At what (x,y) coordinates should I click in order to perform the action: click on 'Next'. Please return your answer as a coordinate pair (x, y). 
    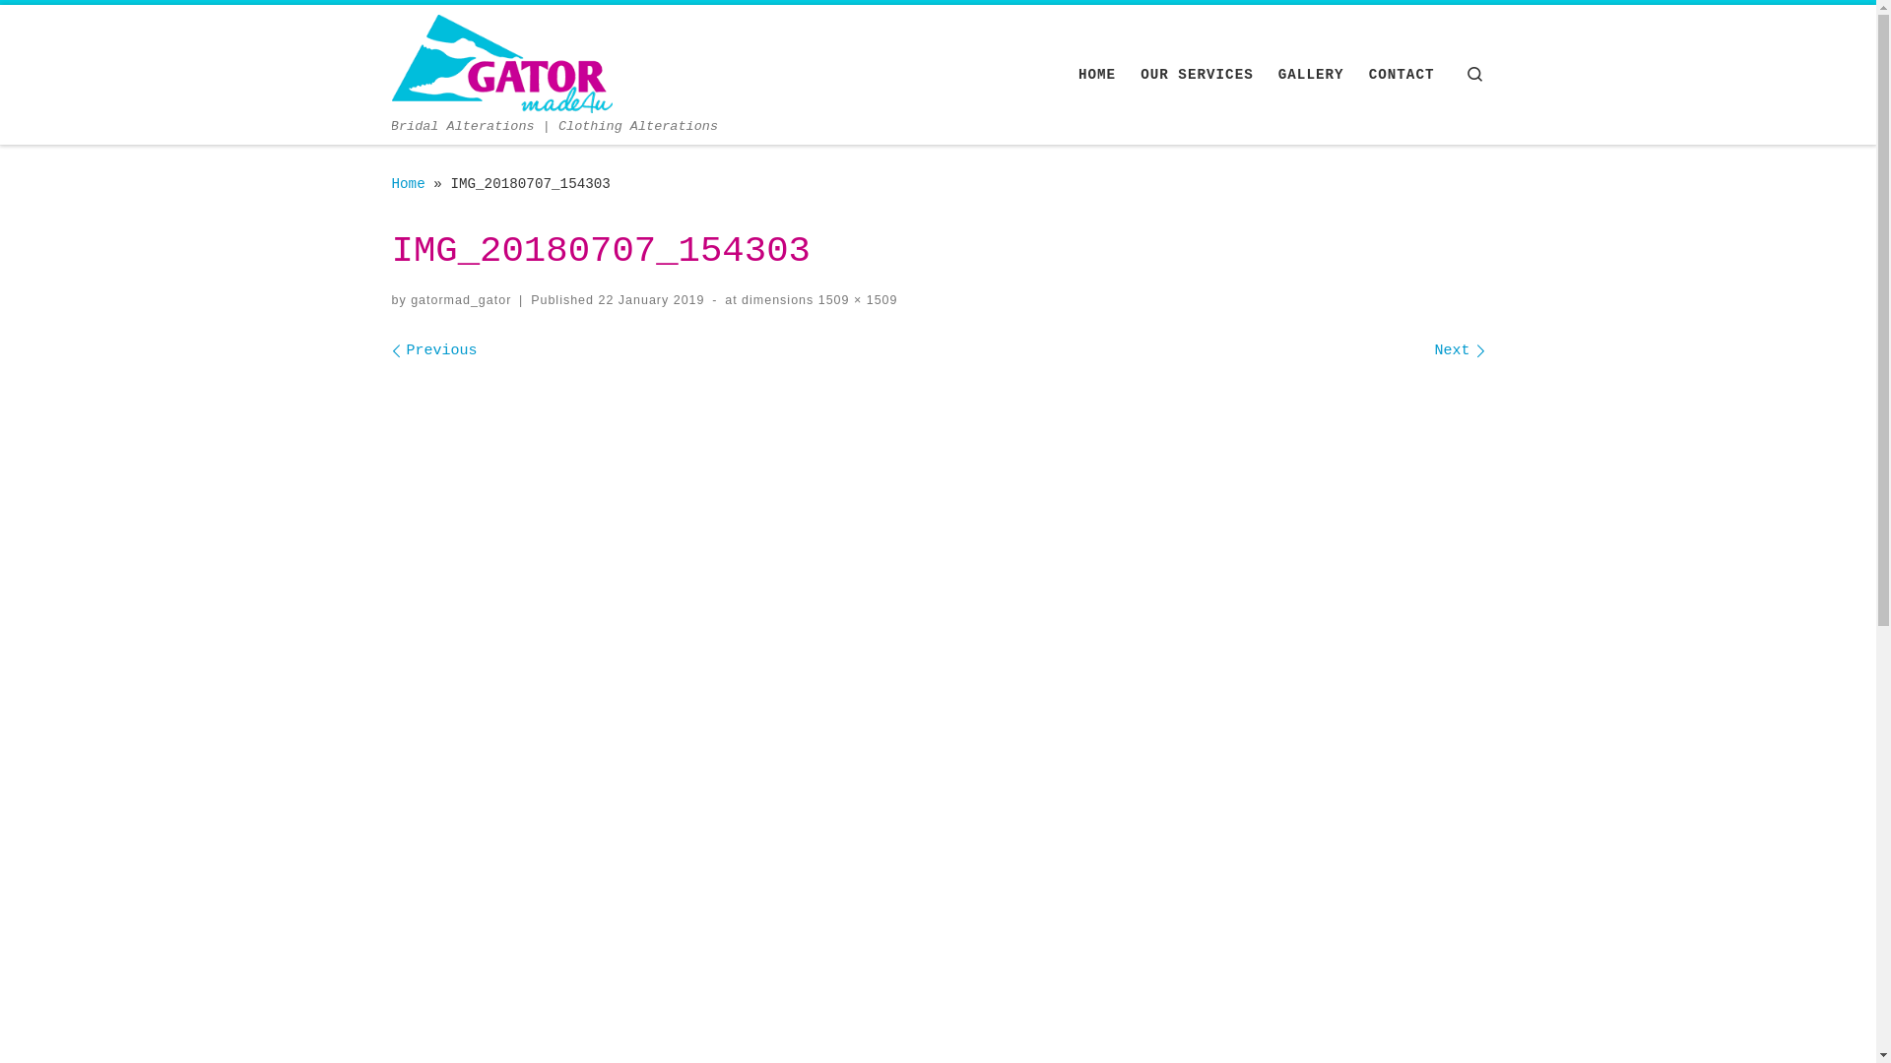
    Looking at the image, I should click on (1459, 349).